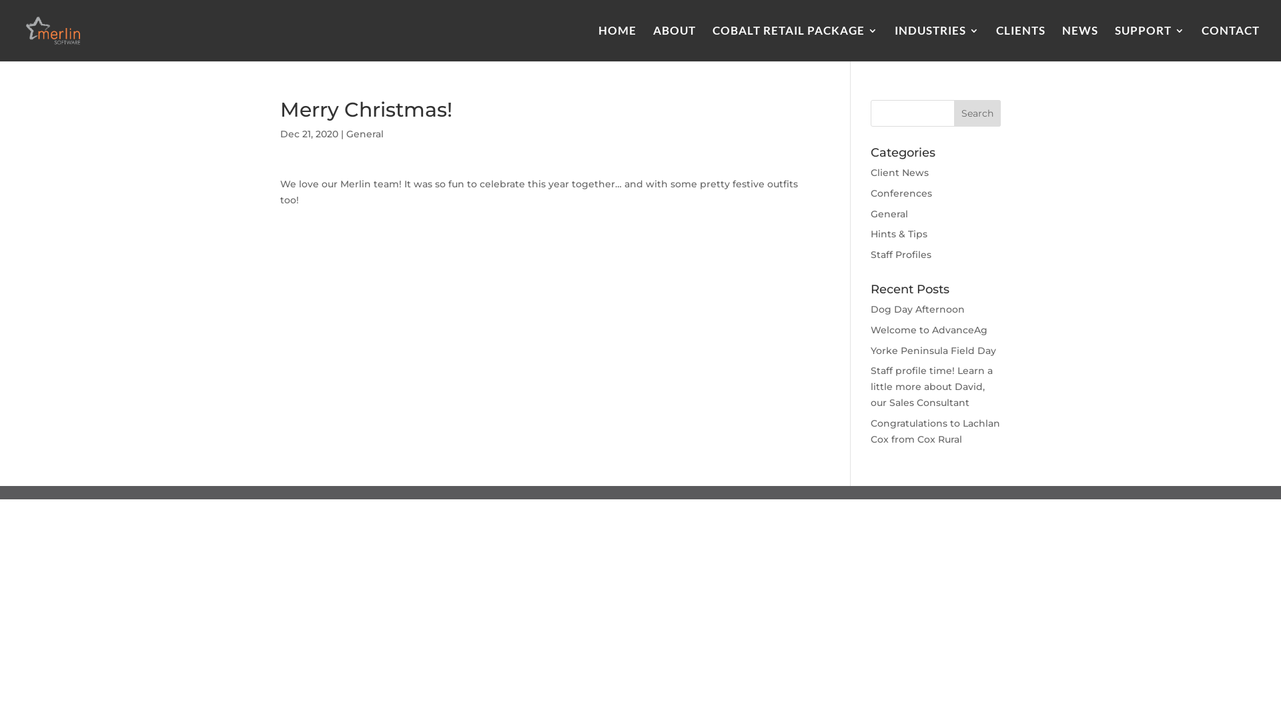  What do you see at coordinates (934, 431) in the screenshot?
I see `'Congratulations to Lachlan Cox from Cox Rural'` at bounding box center [934, 431].